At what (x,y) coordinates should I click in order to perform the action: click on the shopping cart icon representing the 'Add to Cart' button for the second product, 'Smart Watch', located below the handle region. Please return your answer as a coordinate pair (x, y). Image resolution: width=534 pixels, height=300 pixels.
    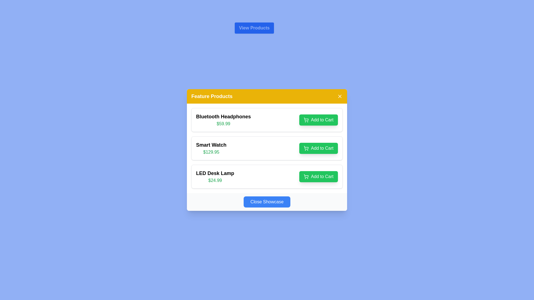
    Looking at the image, I should click on (306, 147).